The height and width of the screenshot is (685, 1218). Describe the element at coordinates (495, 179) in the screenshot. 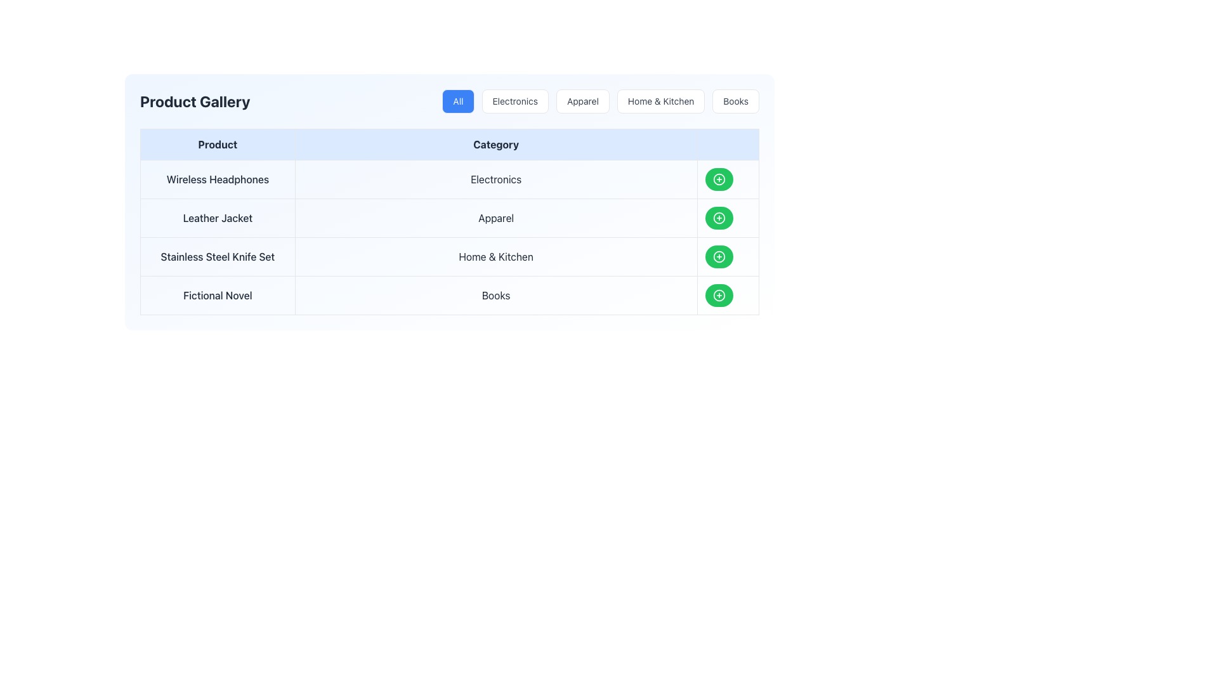

I see `the 'Electronics' category label` at that location.